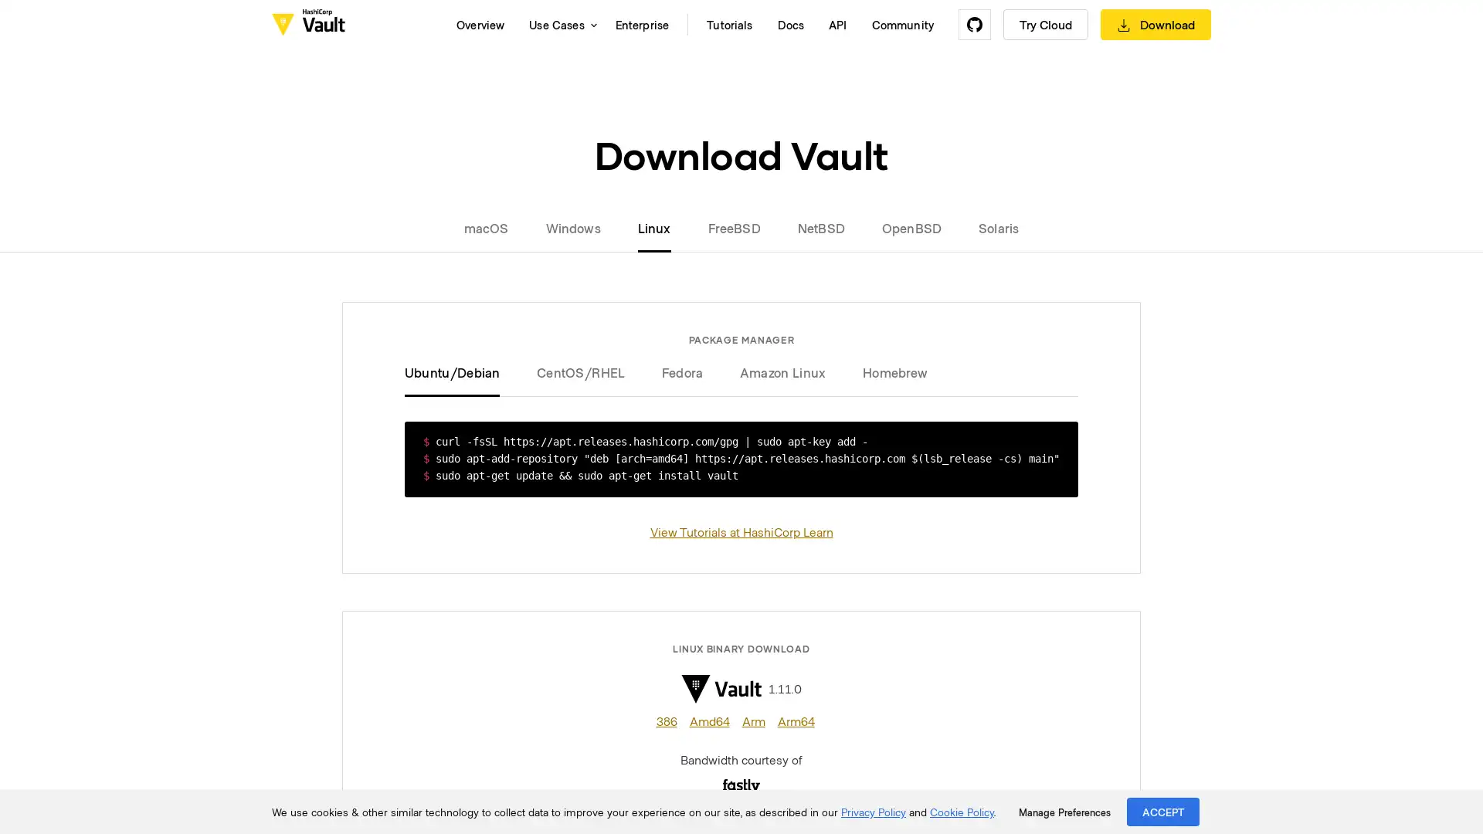 The width and height of the screenshot is (1483, 834). What do you see at coordinates (989, 227) in the screenshot?
I see `Solaris` at bounding box center [989, 227].